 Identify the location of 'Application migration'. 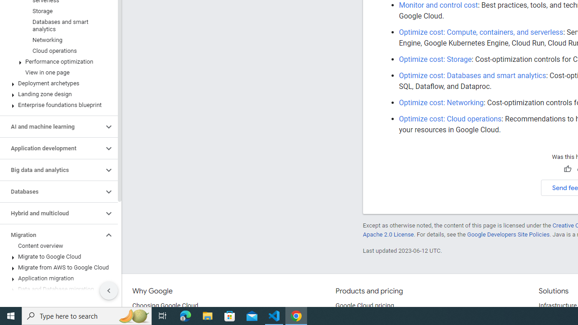
(56, 278).